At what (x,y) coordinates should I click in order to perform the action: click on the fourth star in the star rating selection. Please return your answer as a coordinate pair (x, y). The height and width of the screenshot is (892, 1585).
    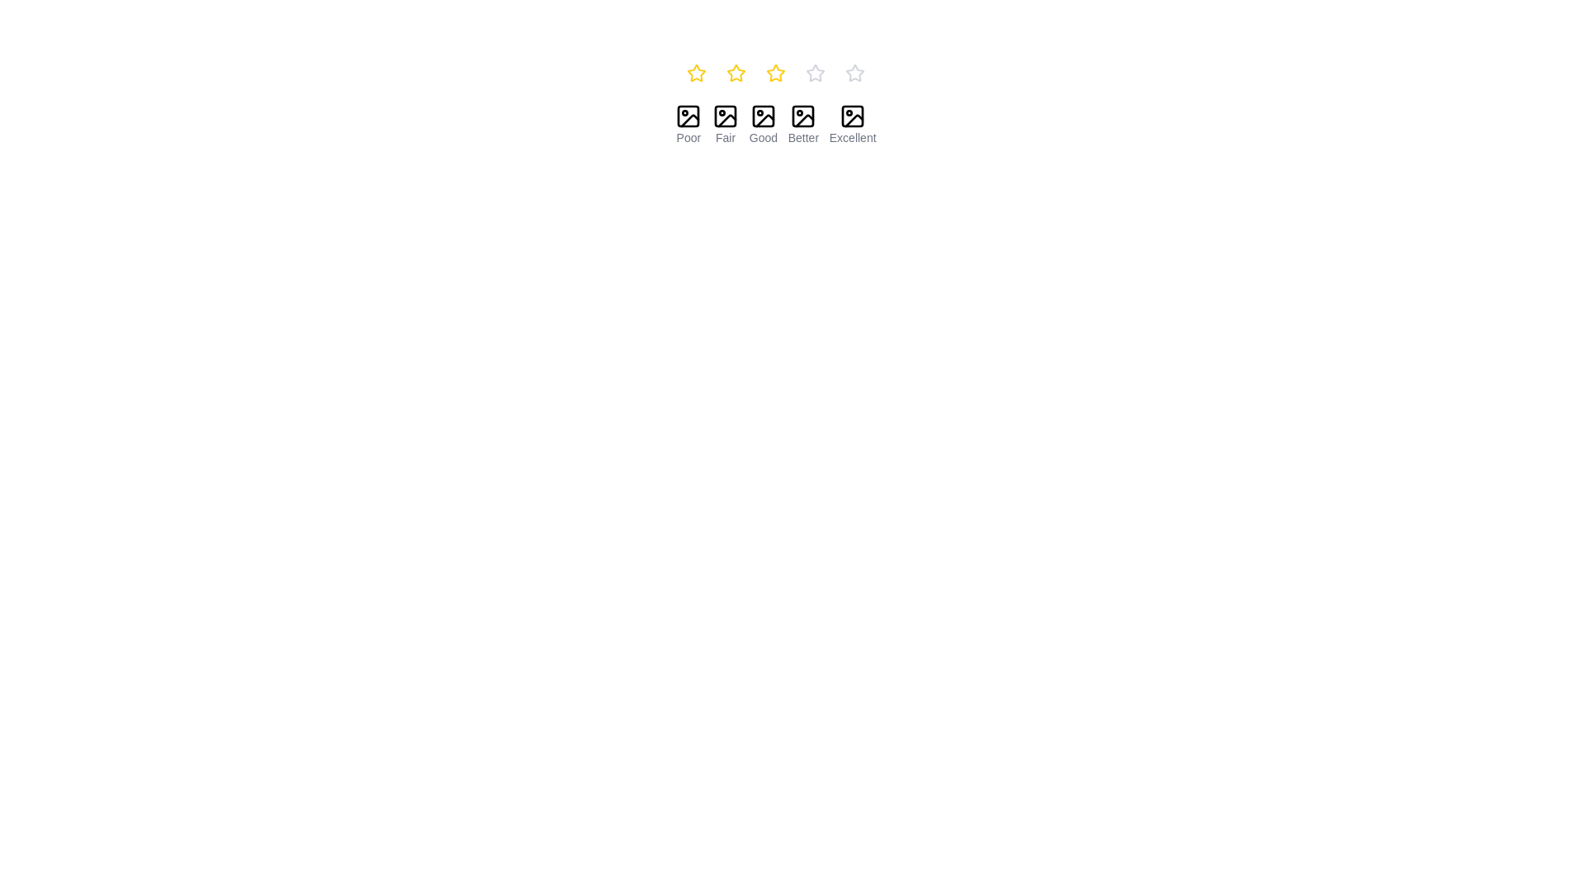
    Looking at the image, I should click on (816, 72).